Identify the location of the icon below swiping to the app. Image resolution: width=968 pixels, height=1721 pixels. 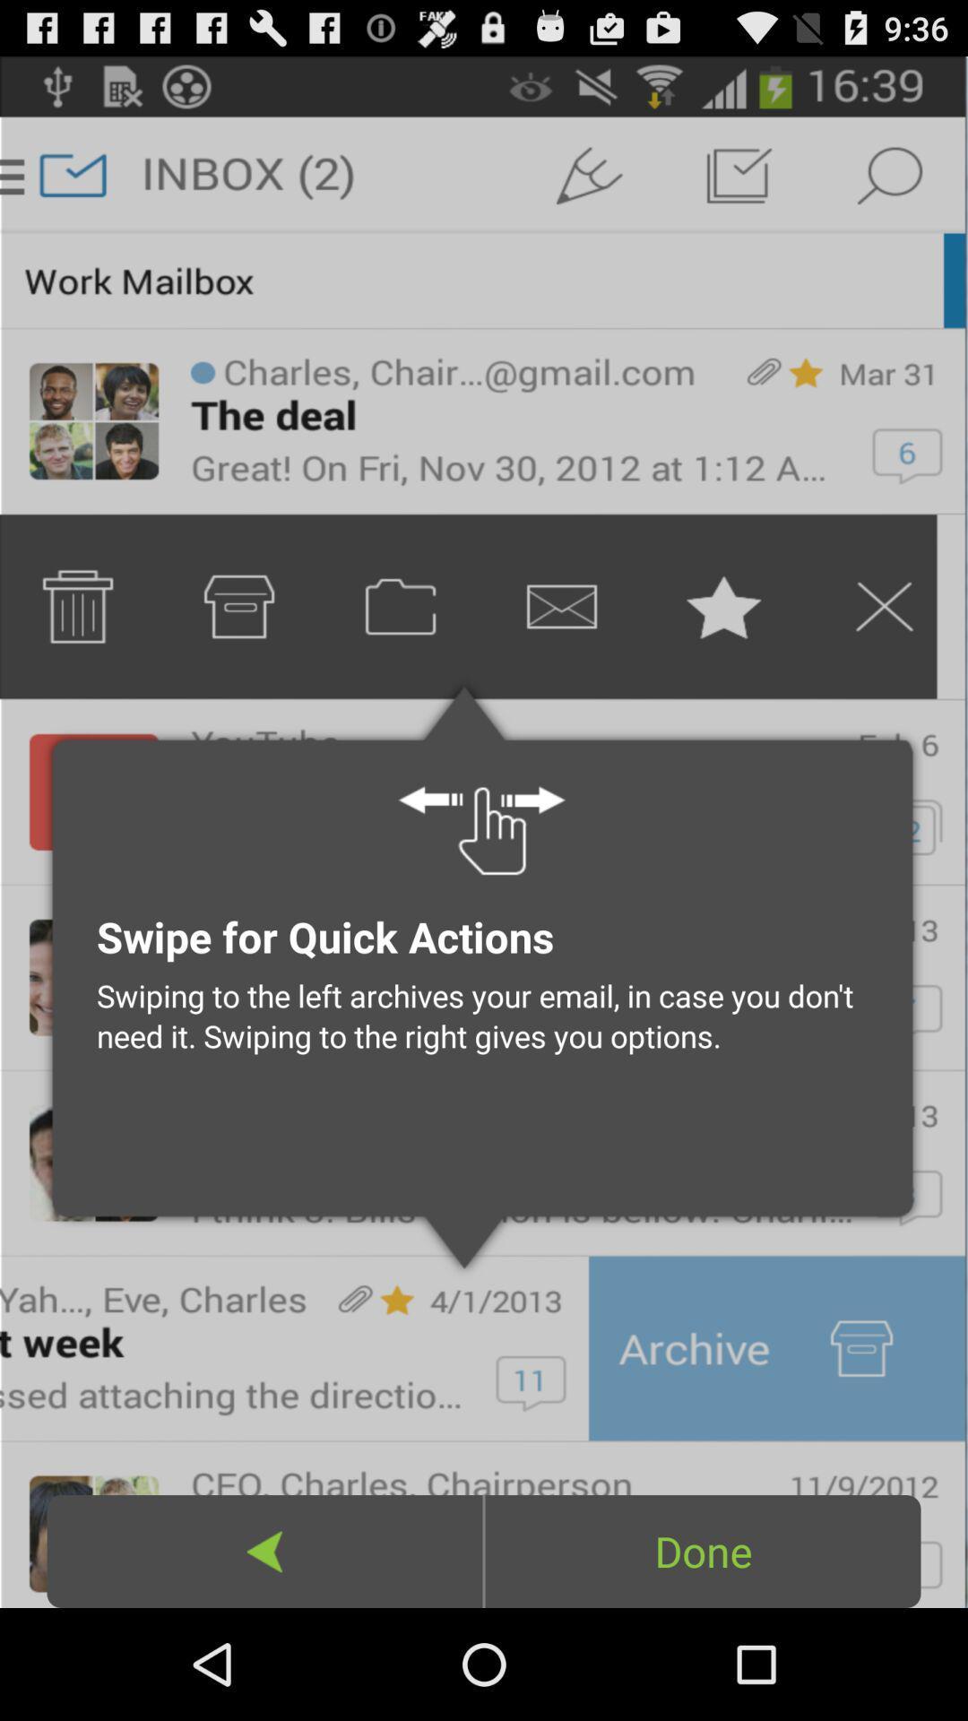
(702, 1551).